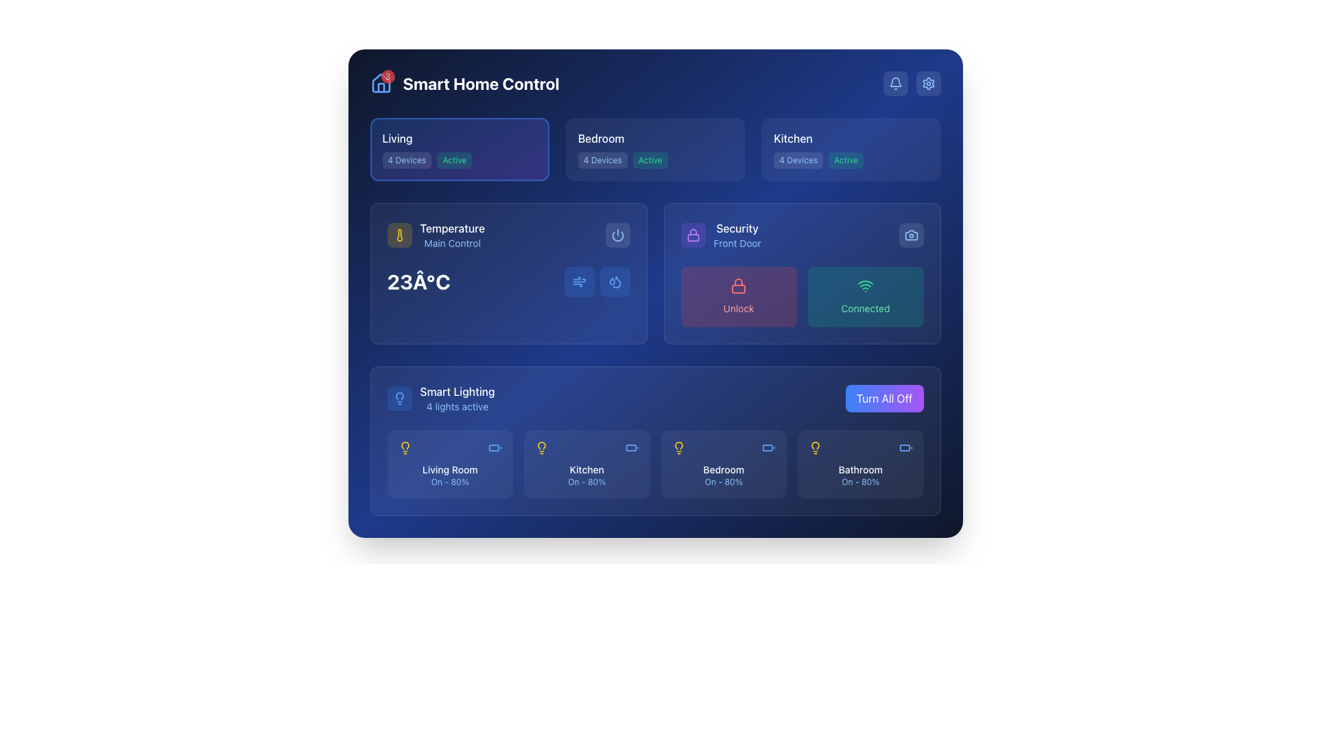 The height and width of the screenshot is (741, 1317). Describe the element at coordinates (737, 296) in the screenshot. I see `the security control button located on the left side of the pair of buttons in the security section to trigger a tooltip or visual feedback` at that location.